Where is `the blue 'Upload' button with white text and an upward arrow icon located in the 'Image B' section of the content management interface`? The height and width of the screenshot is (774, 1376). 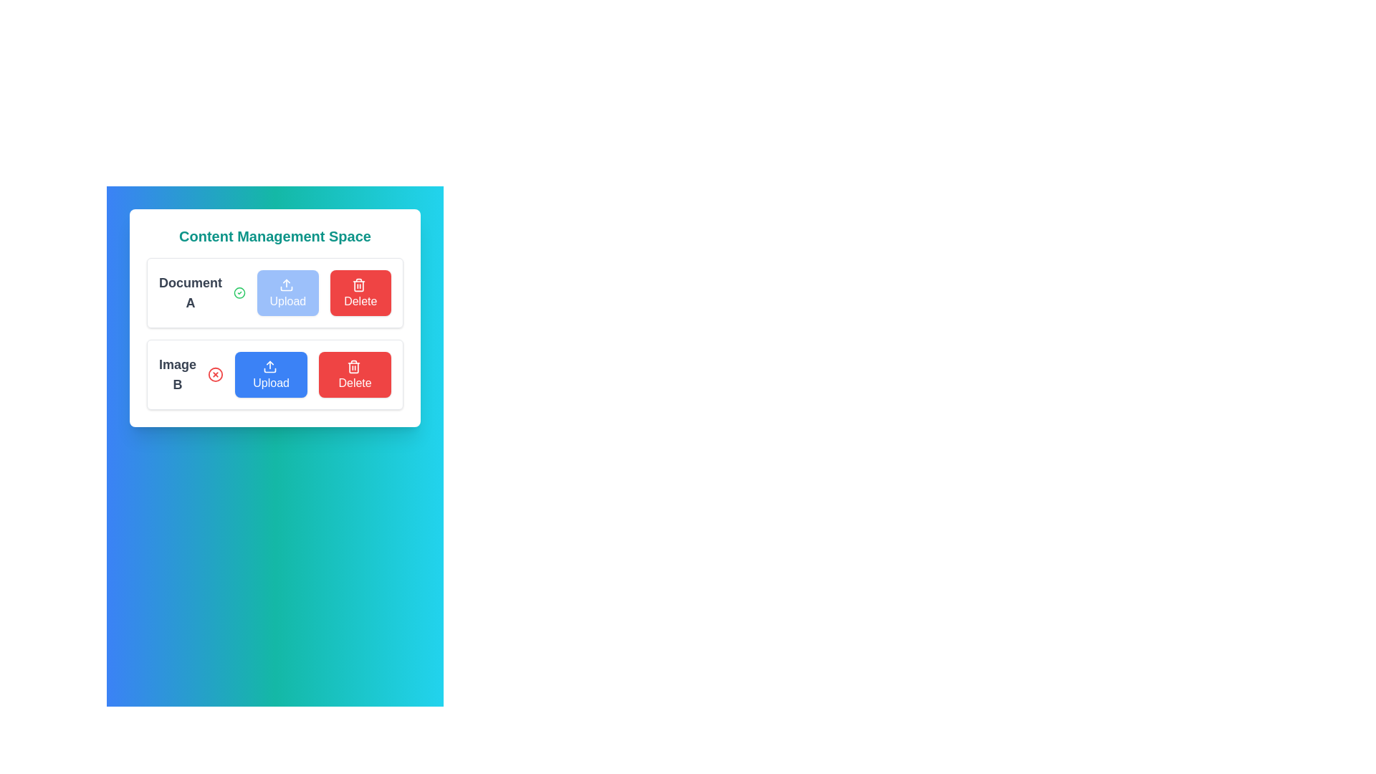 the blue 'Upload' button with white text and an upward arrow icon located in the 'Image B' section of the content management interface is located at coordinates (275, 374).